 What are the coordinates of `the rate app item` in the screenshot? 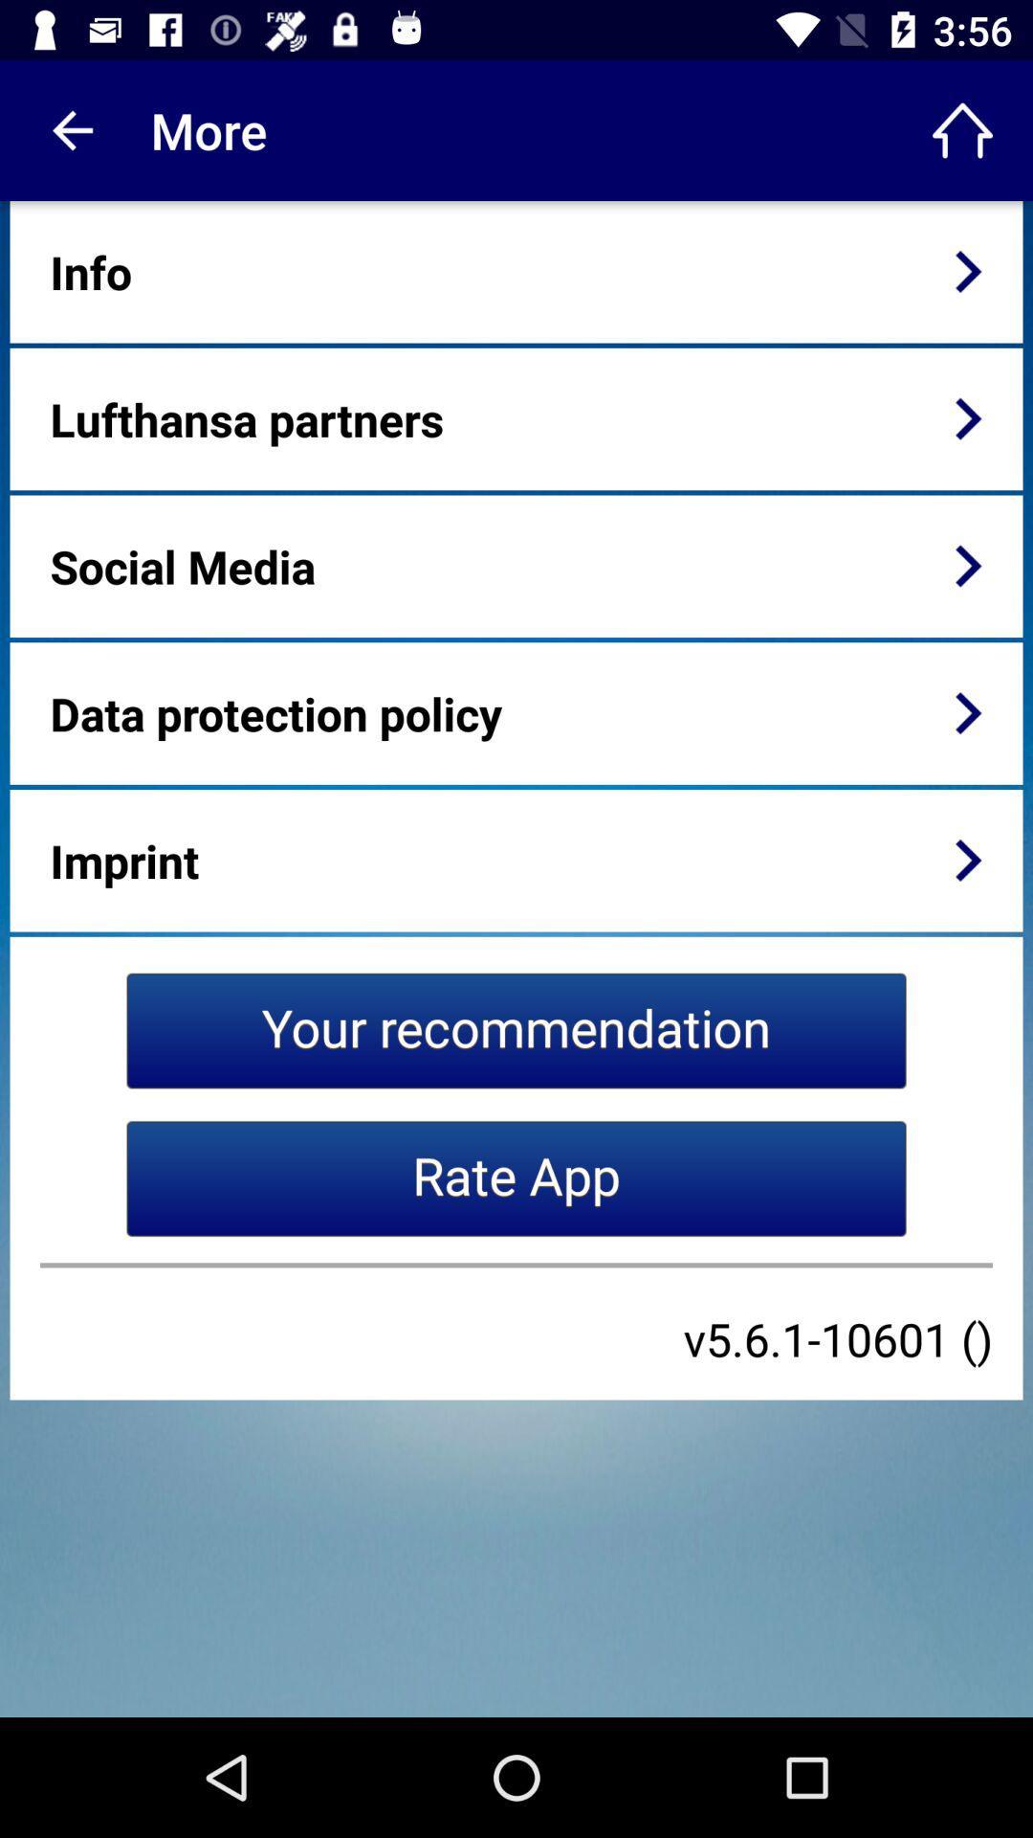 It's located at (516, 1177).